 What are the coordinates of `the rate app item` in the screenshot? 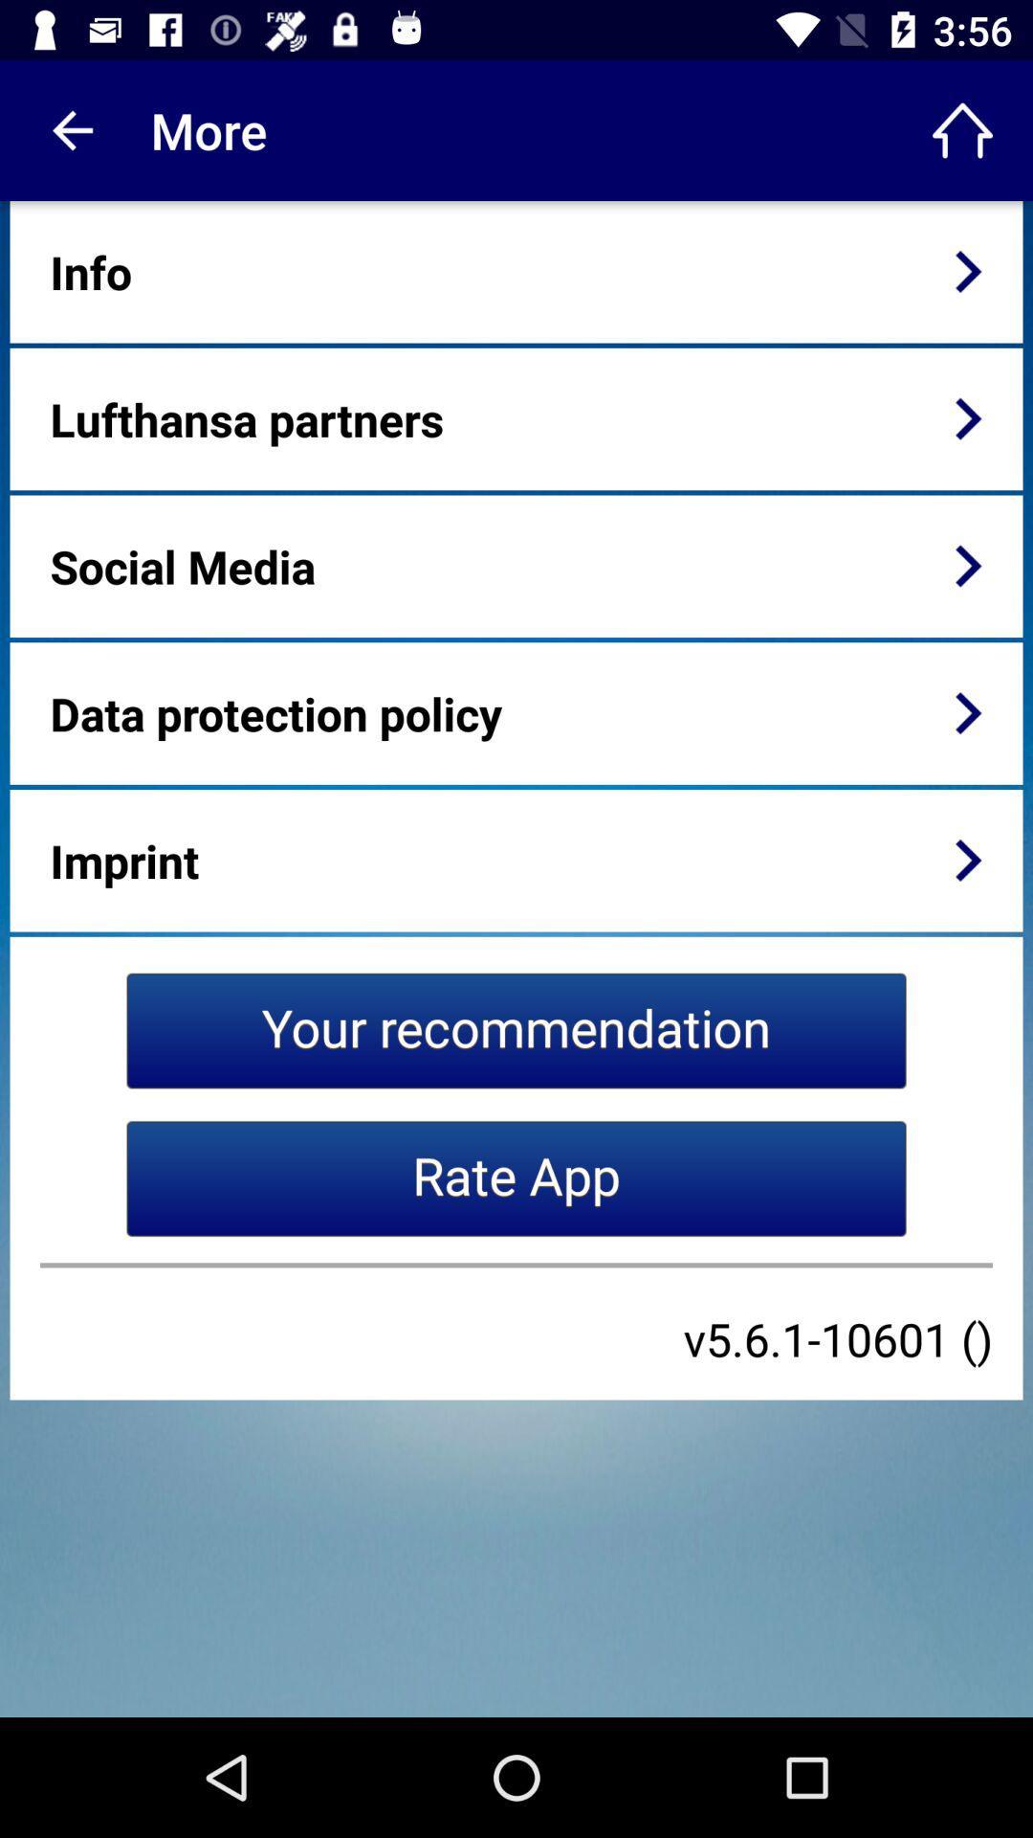 It's located at (516, 1177).